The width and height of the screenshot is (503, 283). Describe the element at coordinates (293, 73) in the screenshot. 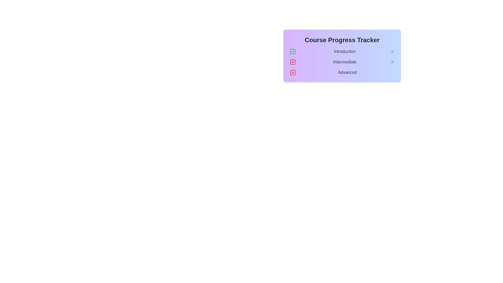

I see `the cross icon next to the stage Advanced` at that location.